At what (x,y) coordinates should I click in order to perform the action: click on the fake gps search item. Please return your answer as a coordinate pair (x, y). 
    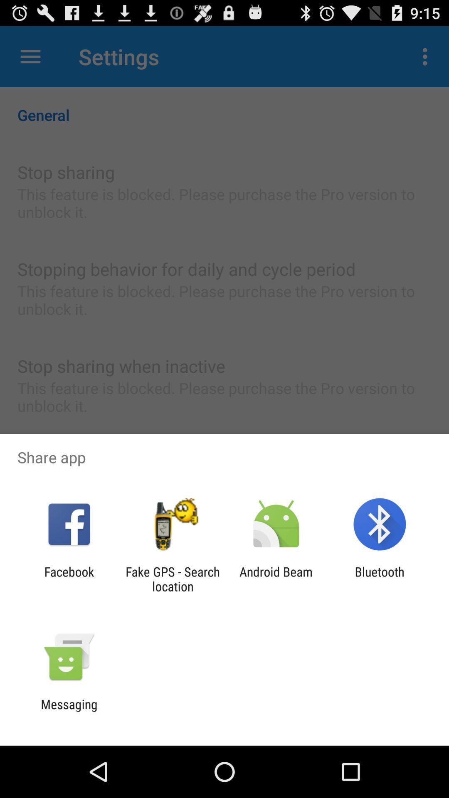
    Looking at the image, I should click on (172, 579).